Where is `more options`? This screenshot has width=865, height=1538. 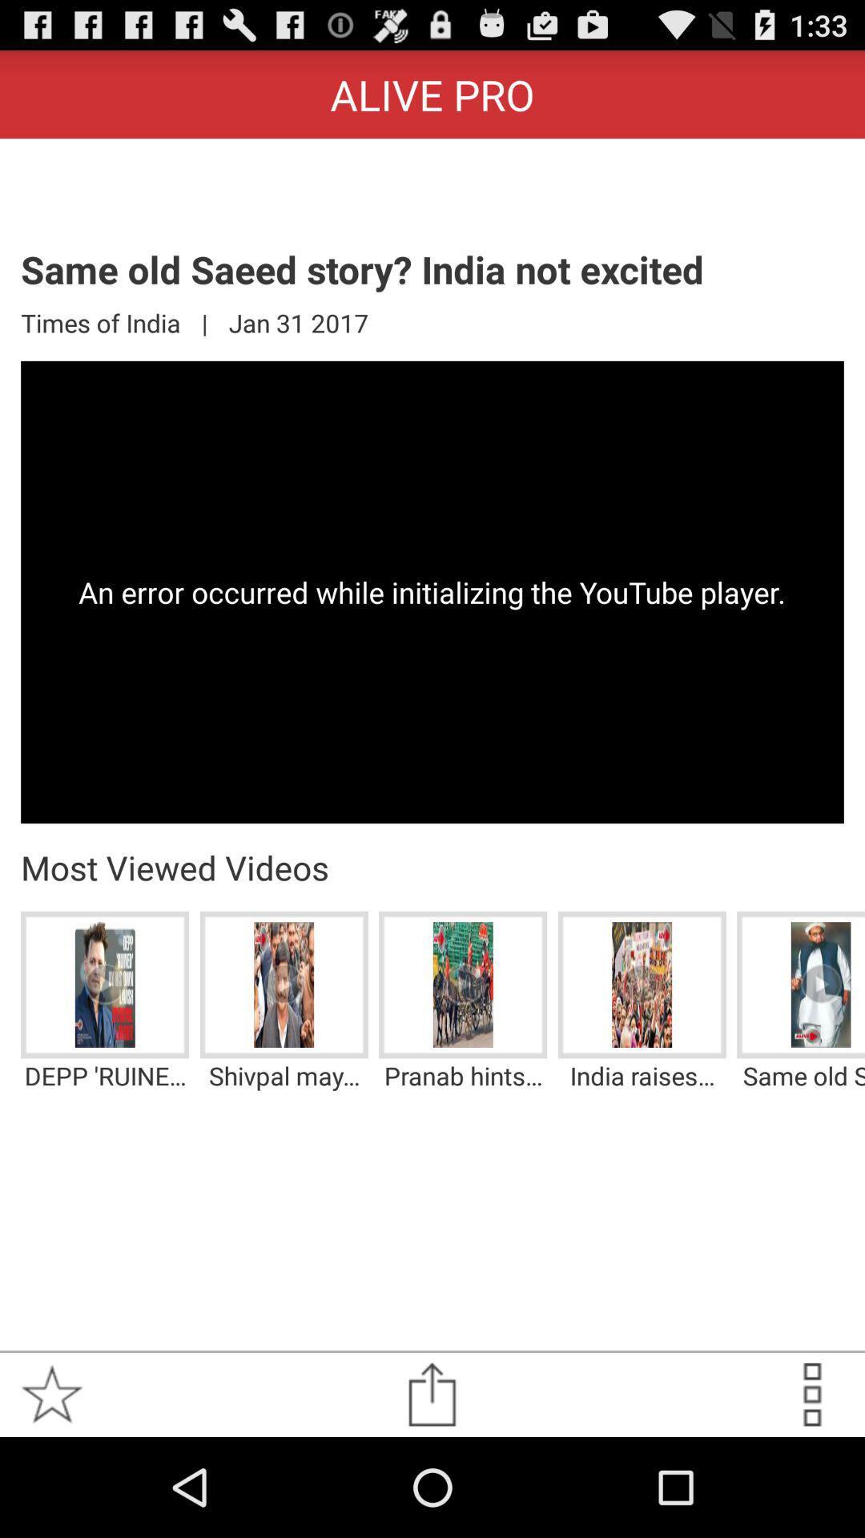
more options is located at coordinates (812, 1394).